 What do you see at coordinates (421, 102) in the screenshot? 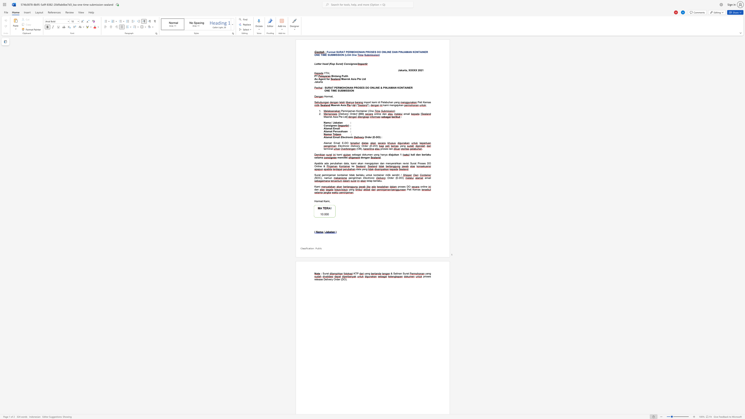
I see `the space between the continuous character "t" and "i" in the text` at bounding box center [421, 102].